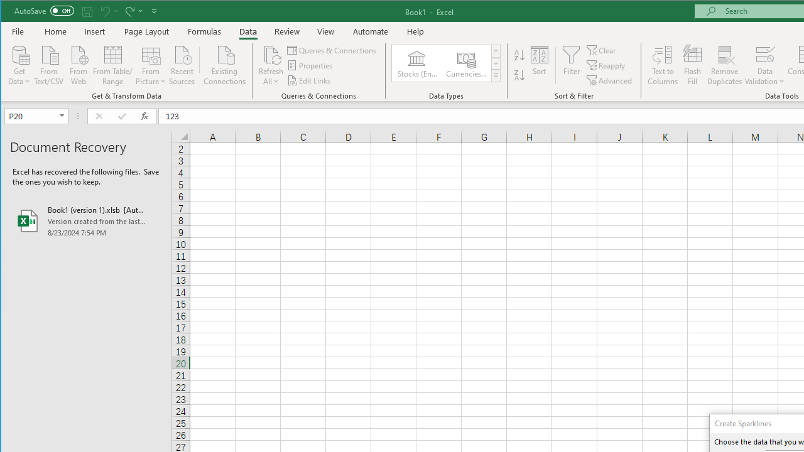 Image resolution: width=804 pixels, height=452 pixels. I want to click on 'Sort Largest to Smallest', so click(519, 75).